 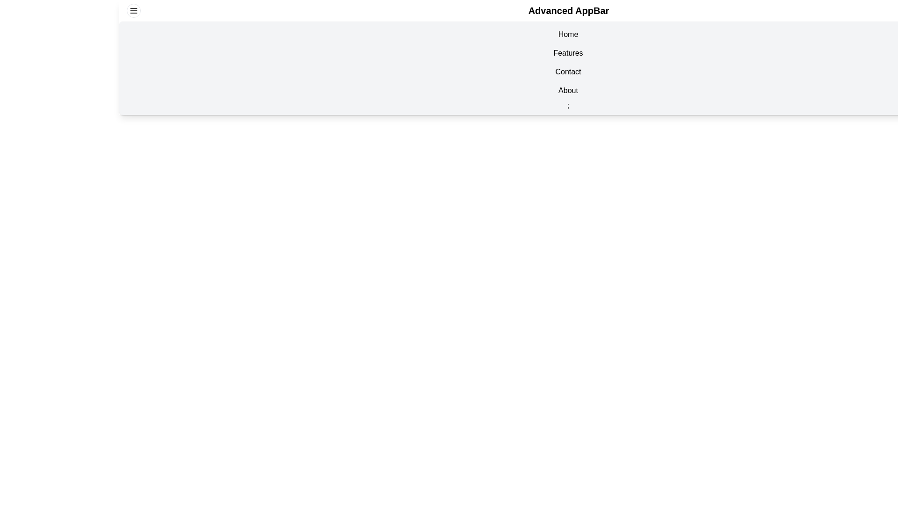 I want to click on the navigation item Home in the EnhancedAppBar, so click(x=567, y=34).